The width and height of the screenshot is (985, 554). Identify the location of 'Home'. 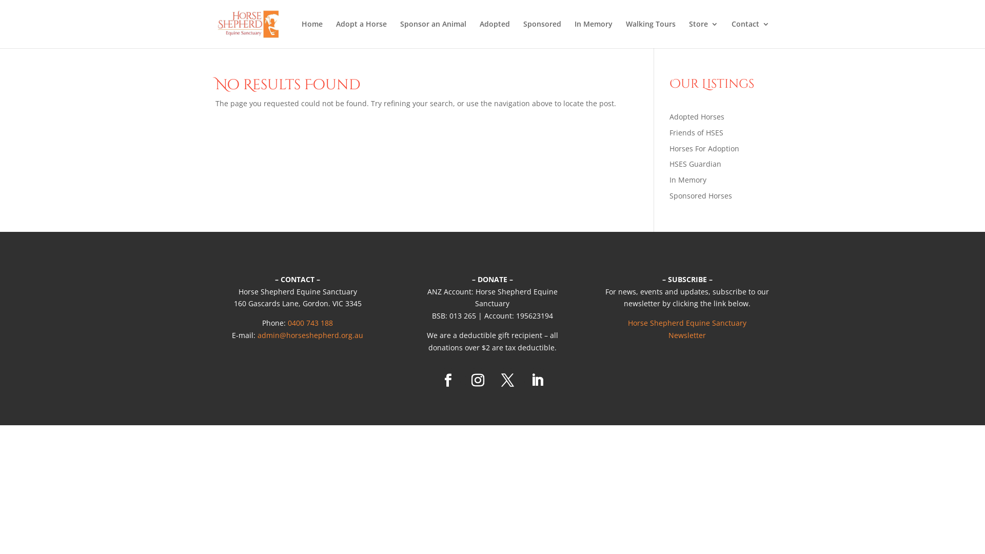
(311, 33).